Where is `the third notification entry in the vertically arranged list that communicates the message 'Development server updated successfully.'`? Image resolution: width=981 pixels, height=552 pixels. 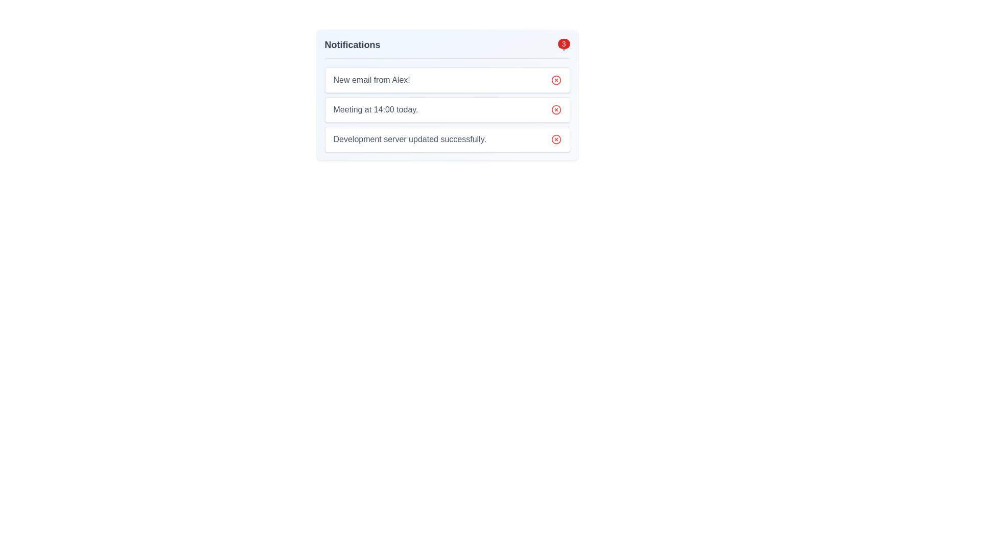
the third notification entry in the vertically arranged list that communicates the message 'Development server updated successfully.' is located at coordinates (410, 140).